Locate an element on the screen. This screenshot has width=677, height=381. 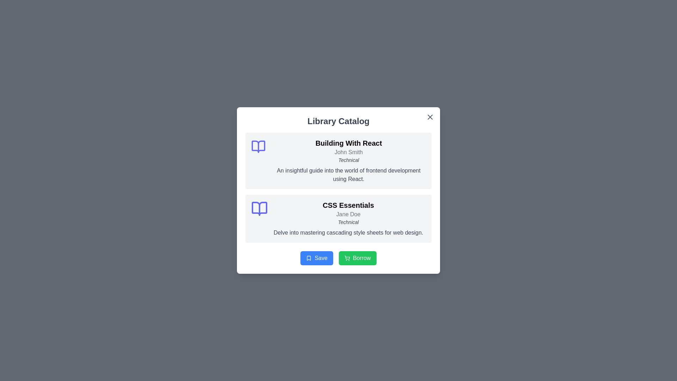
the title text label located in the second card of the card-like structure is located at coordinates (348, 205).